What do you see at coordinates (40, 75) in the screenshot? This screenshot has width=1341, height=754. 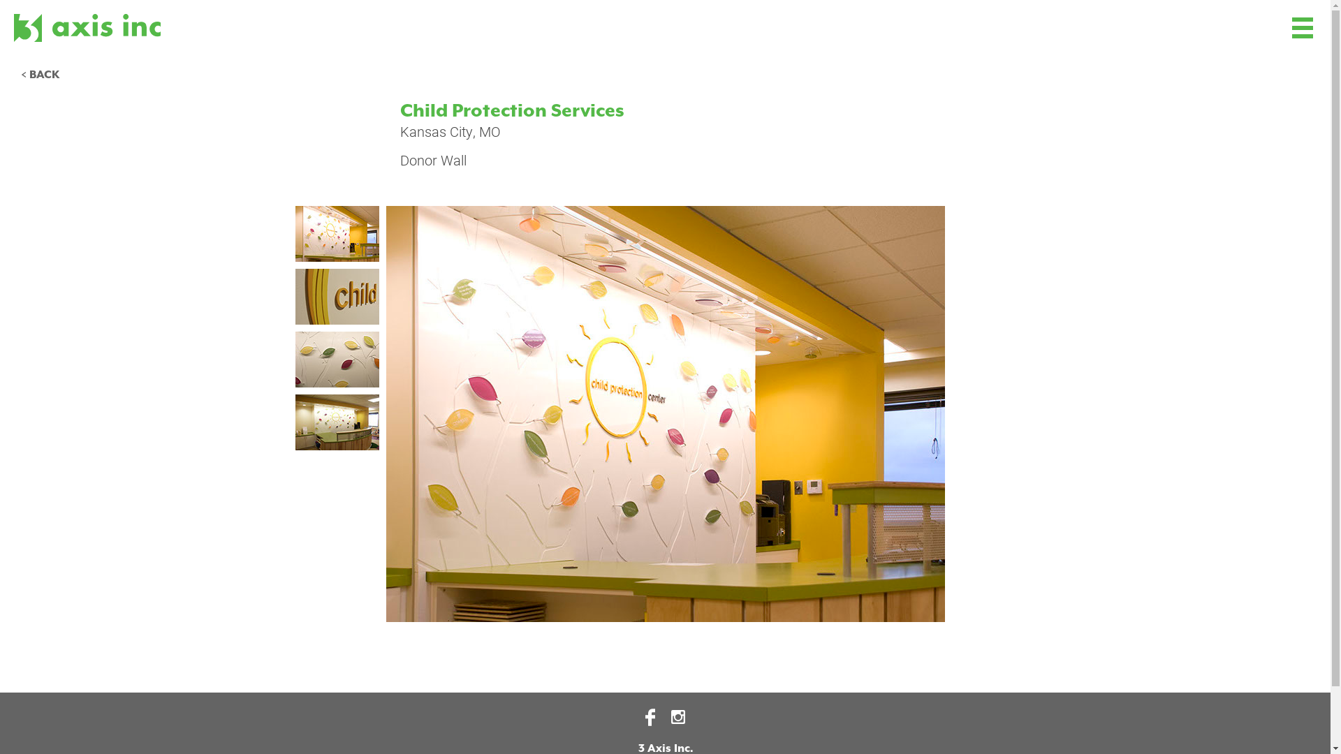 I see `'< BACK'` at bounding box center [40, 75].